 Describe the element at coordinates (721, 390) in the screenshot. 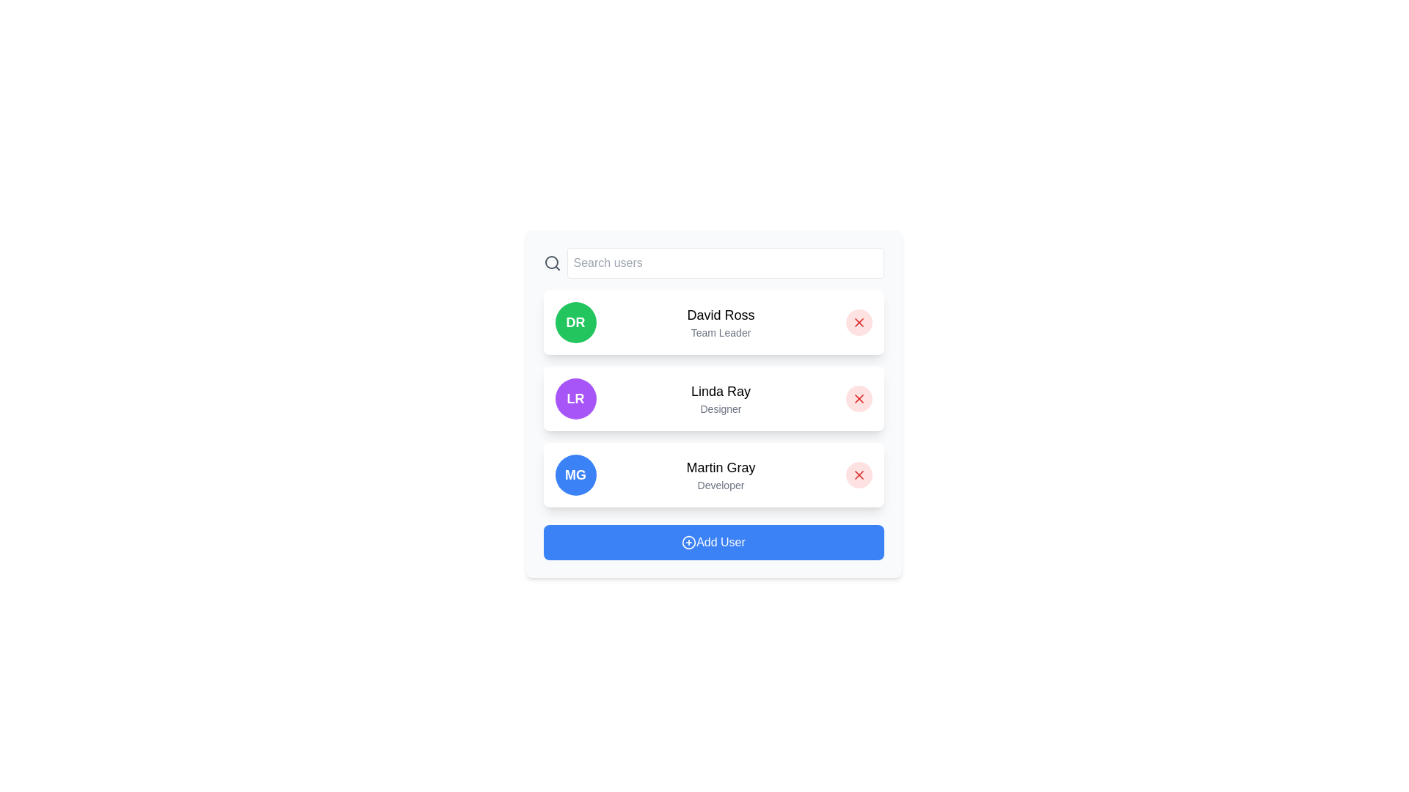

I see `the user name label 'Linda Ray' in the list of user profiles, which is the second entry below 'David Ross'` at that location.